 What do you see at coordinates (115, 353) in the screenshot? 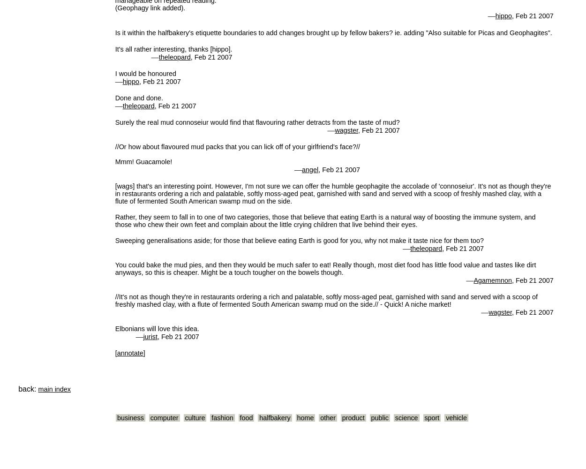
I see `'['` at bounding box center [115, 353].